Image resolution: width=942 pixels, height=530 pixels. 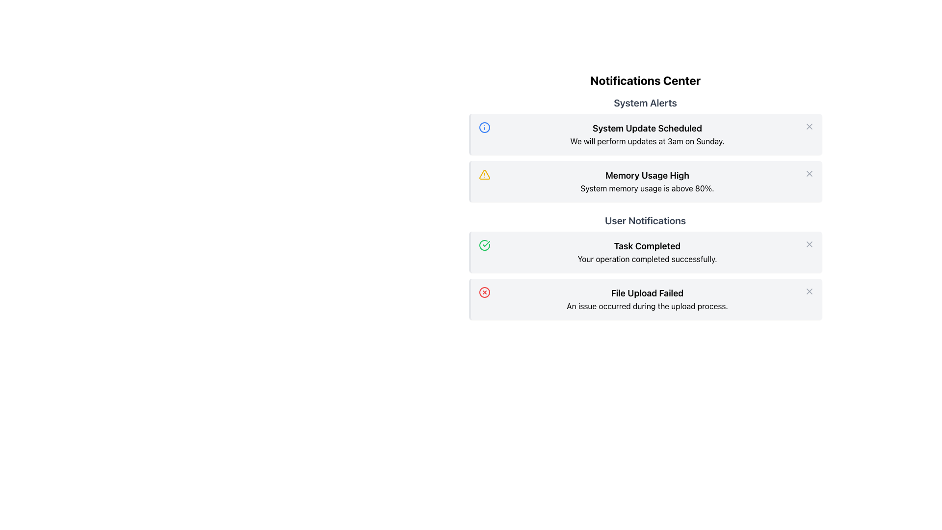 I want to click on displayed text message 'An issue occurred during the upload process.' from the Text Display located in the notification box below the title 'File Upload Failed.', so click(x=647, y=306).